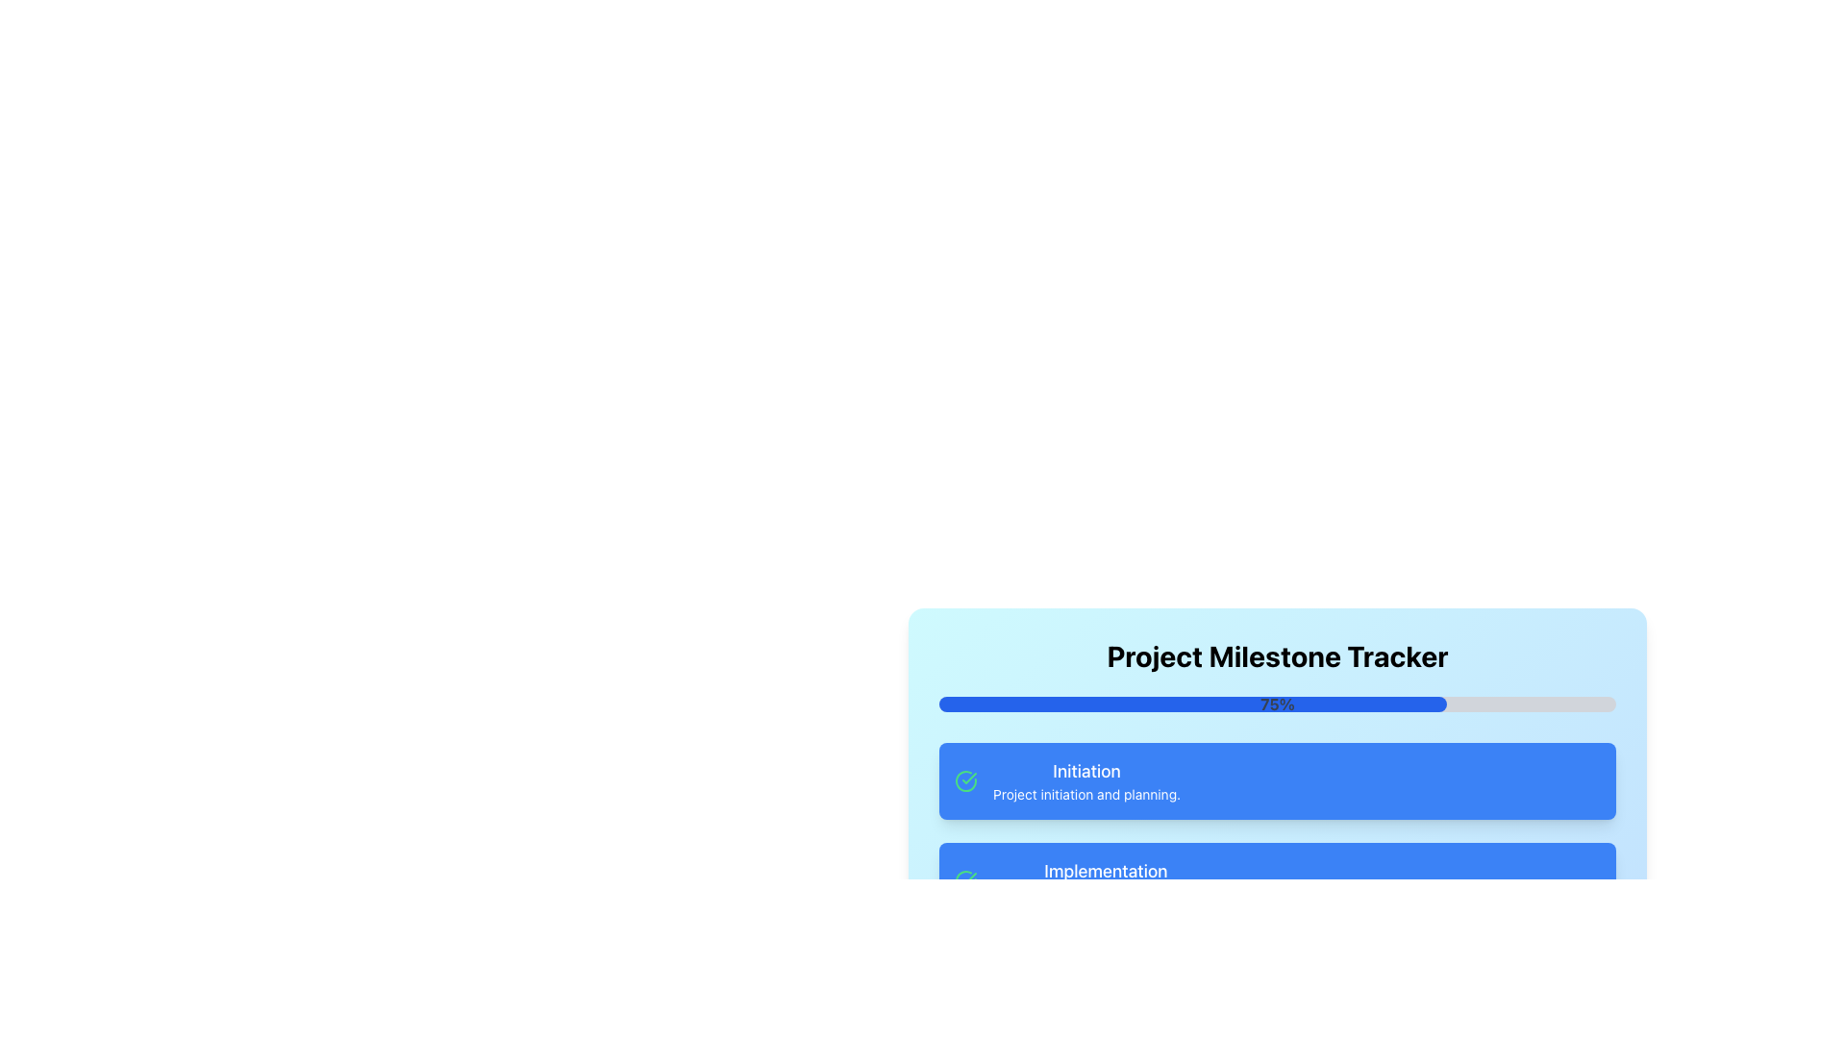 The image size is (1846, 1038). What do you see at coordinates (969, 878) in the screenshot?
I see `the checkmark icon within the 'Initiation' section of the 'Project Milestone Tracker' interface by moving the cursor to its center point` at bounding box center [969, 878].